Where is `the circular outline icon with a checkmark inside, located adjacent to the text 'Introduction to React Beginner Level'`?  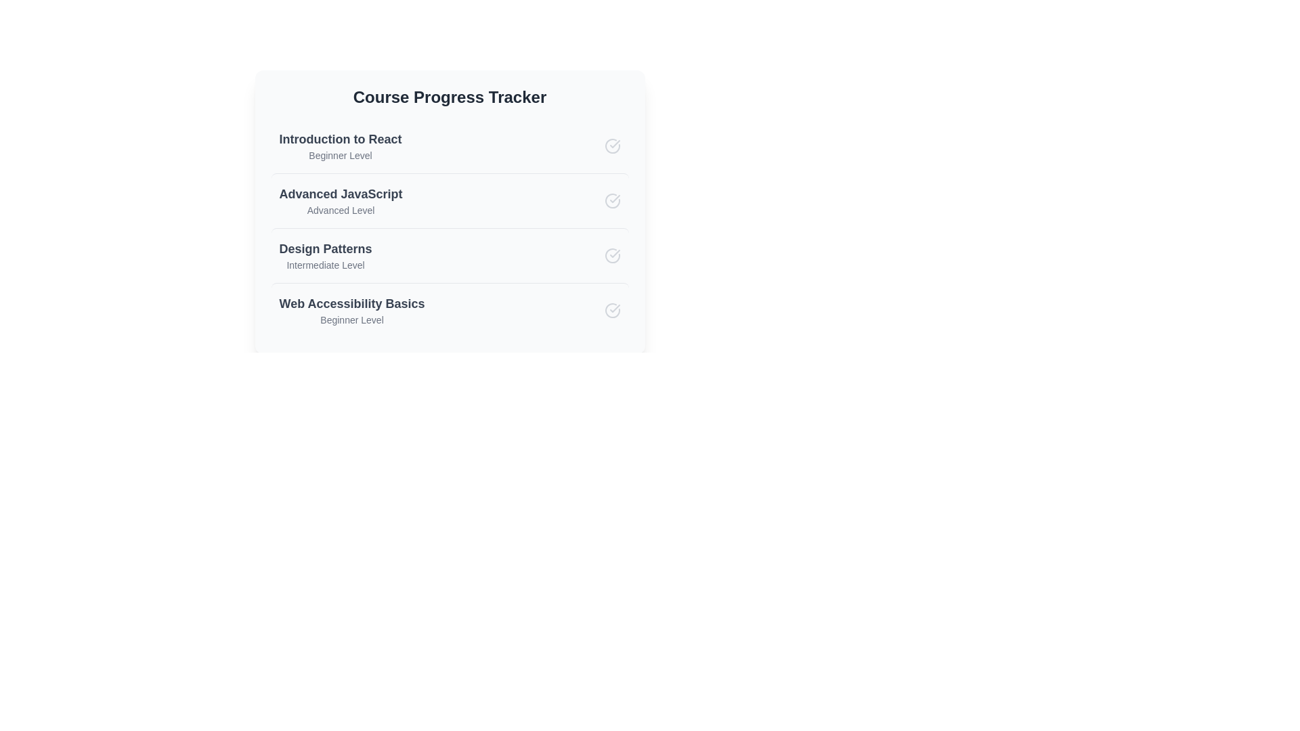
the circular outline icon with a checkmark inside, located adjacent to the text 'Introduction to React Beginner Level' is located at coordinates (611, 146).